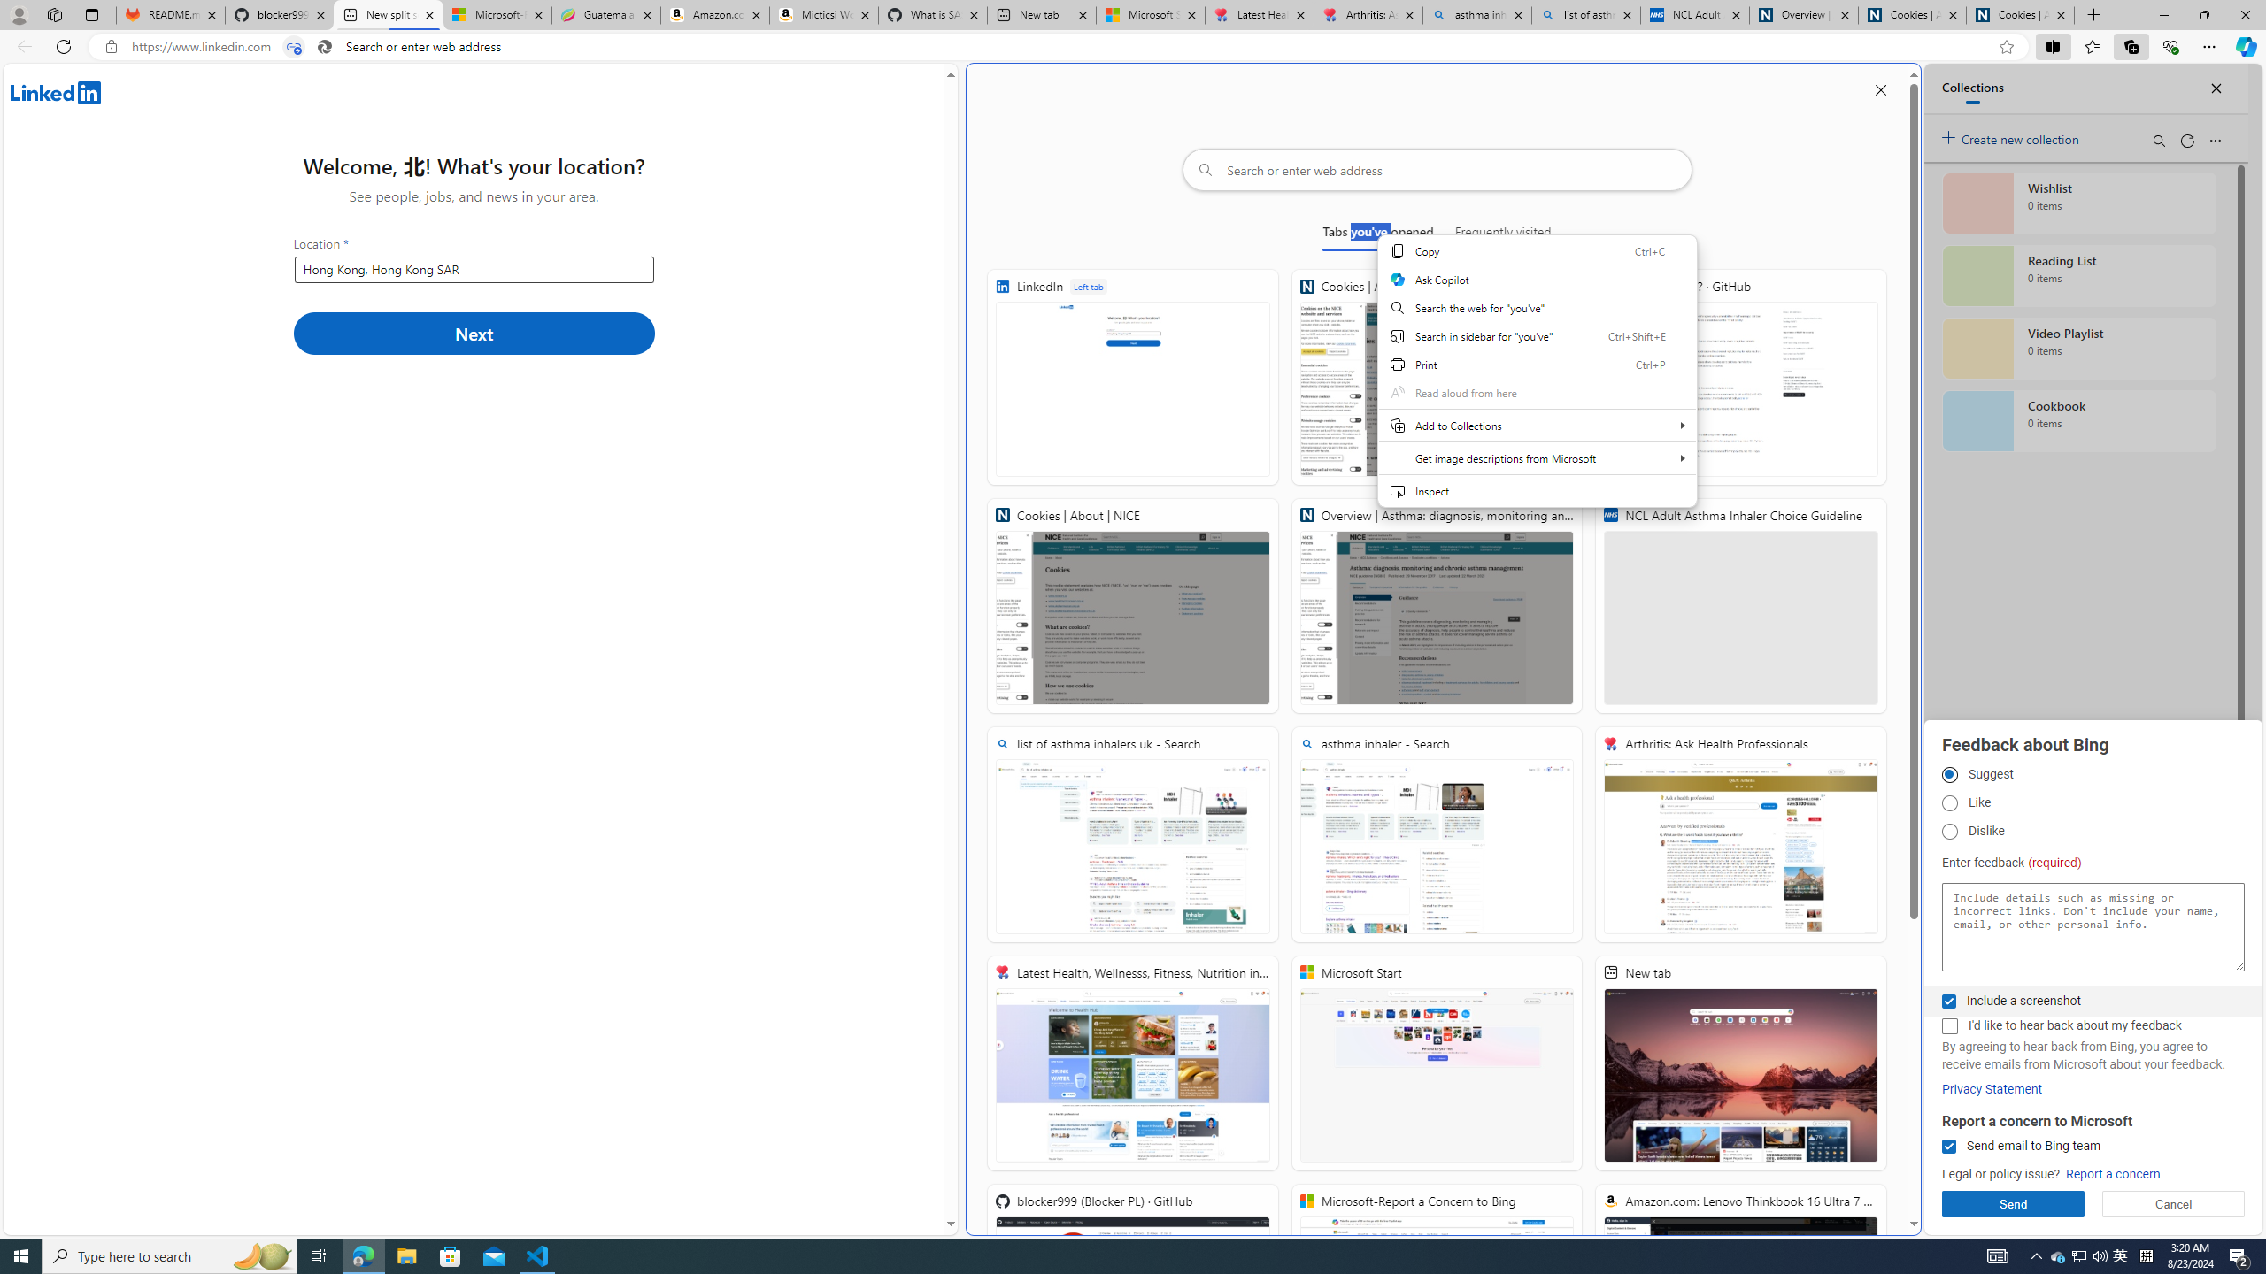 This screenshot has height=1274, width=2266. What do you see at coordinates (1948, 775) in the screenshot?
I see `'Suggest'` at bounding box center [1948, 775].